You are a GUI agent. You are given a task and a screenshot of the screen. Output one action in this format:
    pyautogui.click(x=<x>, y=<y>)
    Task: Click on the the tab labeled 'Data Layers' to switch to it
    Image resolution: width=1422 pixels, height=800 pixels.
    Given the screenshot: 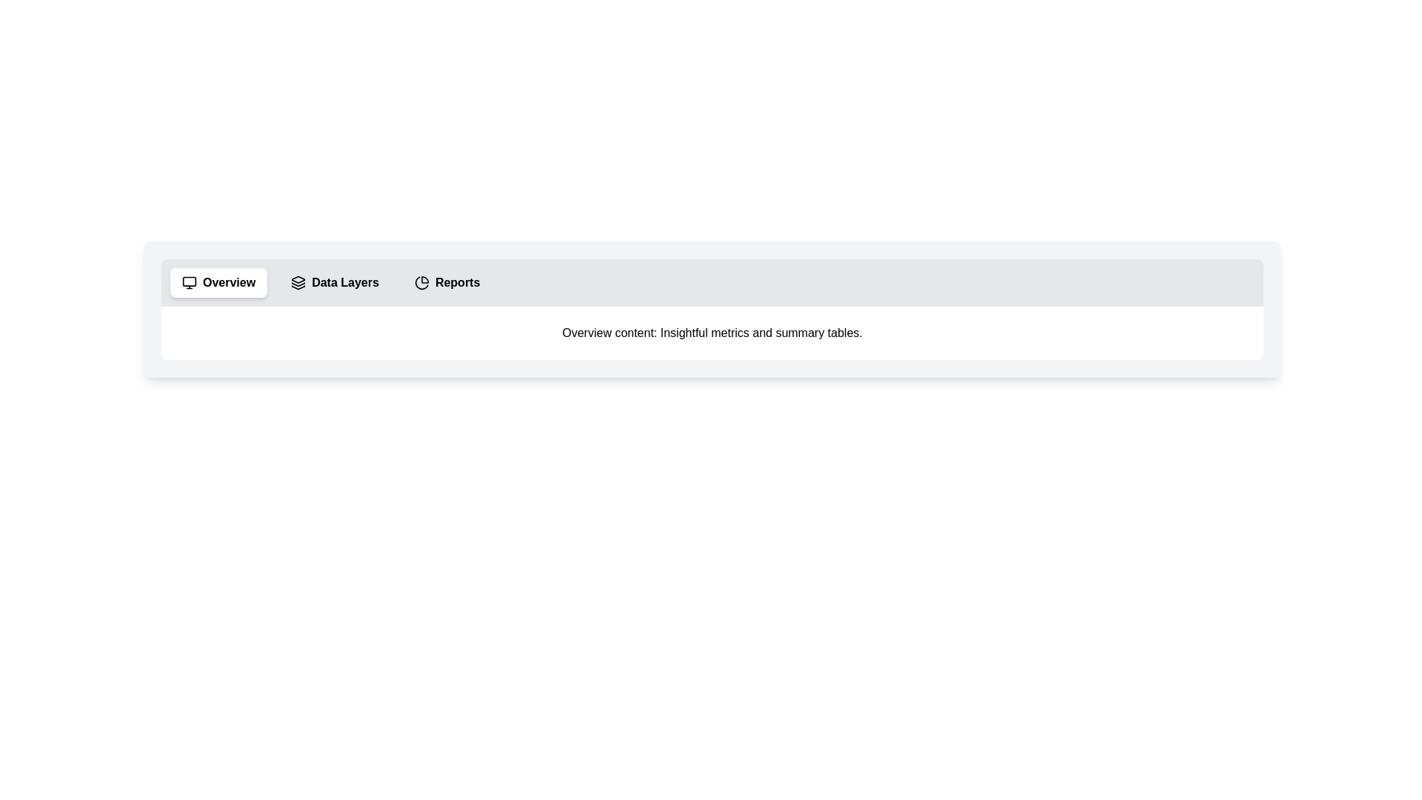 What is the action you would take?
    pyautogui.click(x=333, y=282)
    